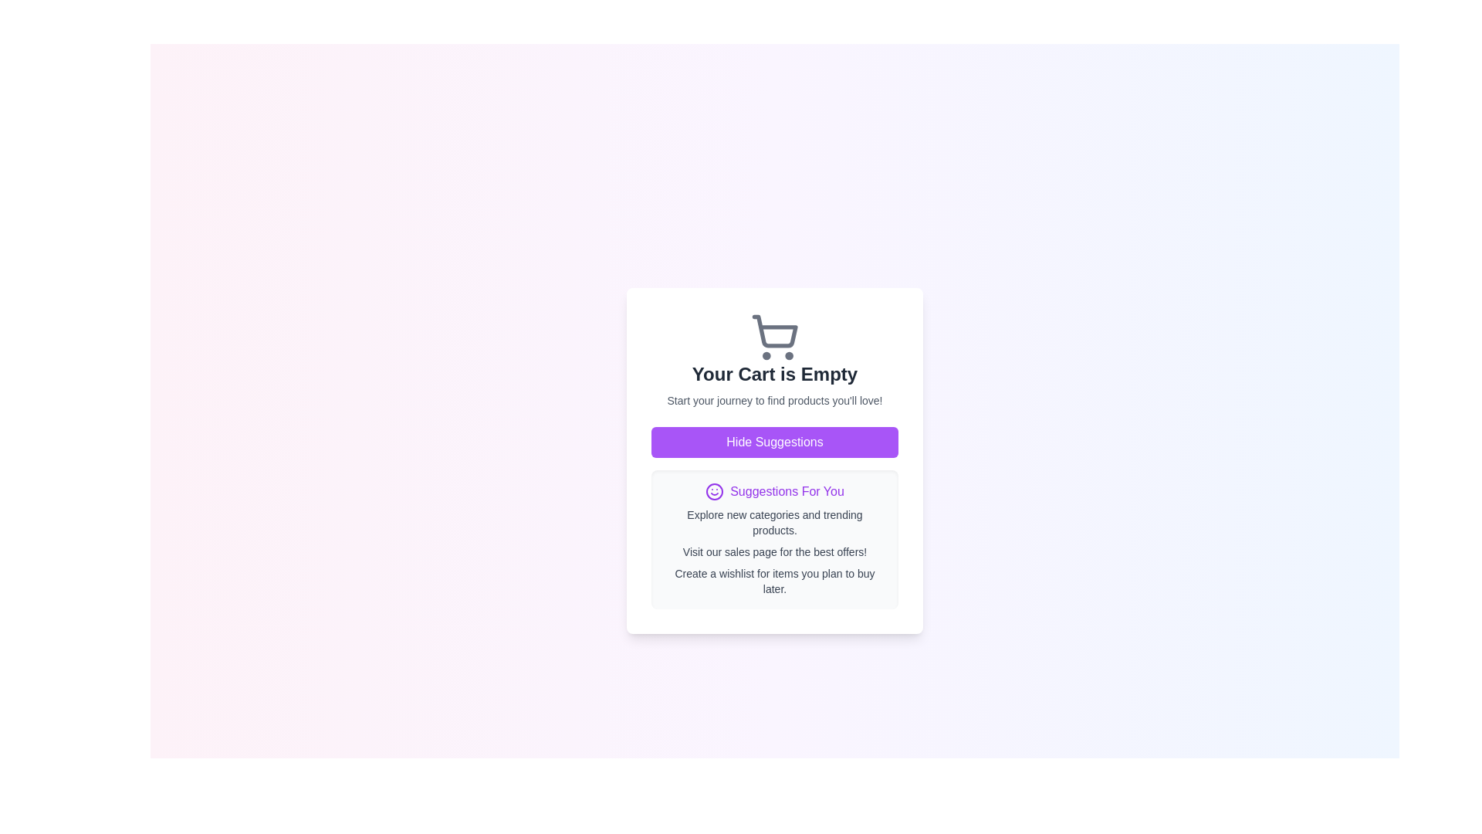  Describe the element at coordinates (774, 551) in the screenshot. I see `the static informational text element that encourages visits to the sales page, located between the texts 'Explore new categories and trending products.' and 'Create a wishlist for items you plan to buy later.'` at that location.